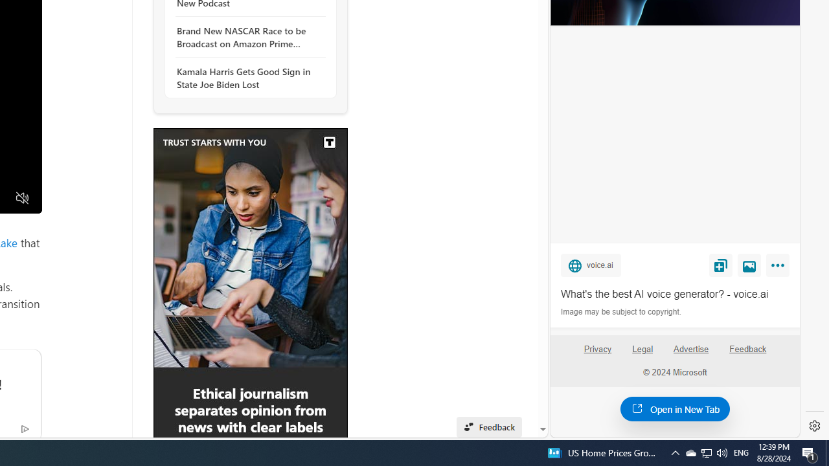  I want to click on 'Advertise', so click(690, 354).